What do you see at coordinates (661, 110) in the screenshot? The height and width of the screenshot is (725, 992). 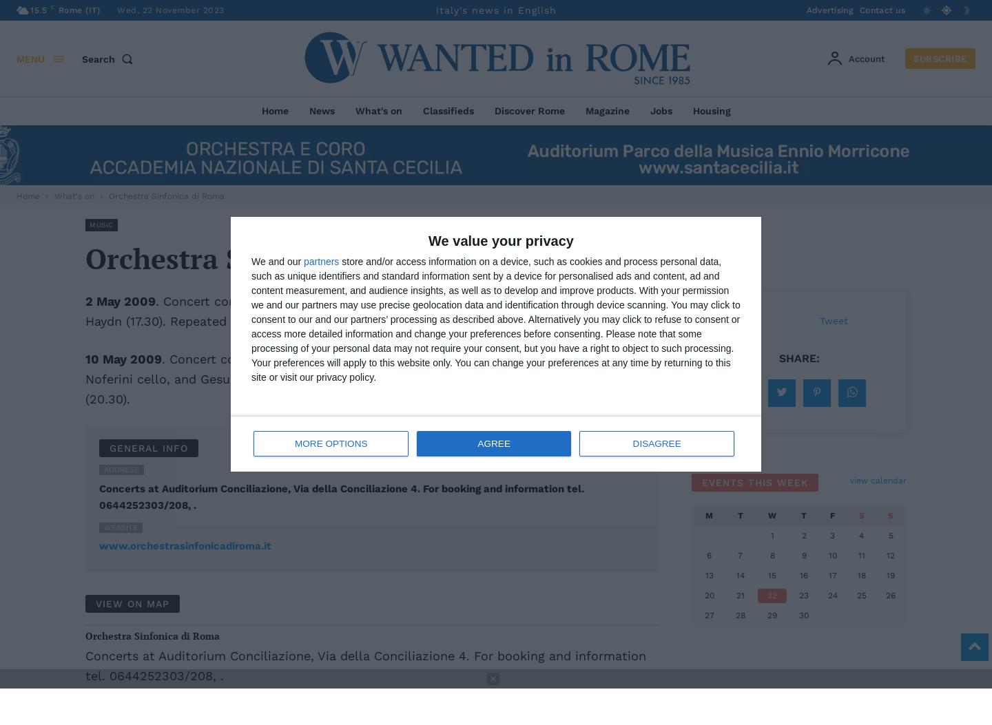 I see `'Jobs'` at bounding box center [661, 110].